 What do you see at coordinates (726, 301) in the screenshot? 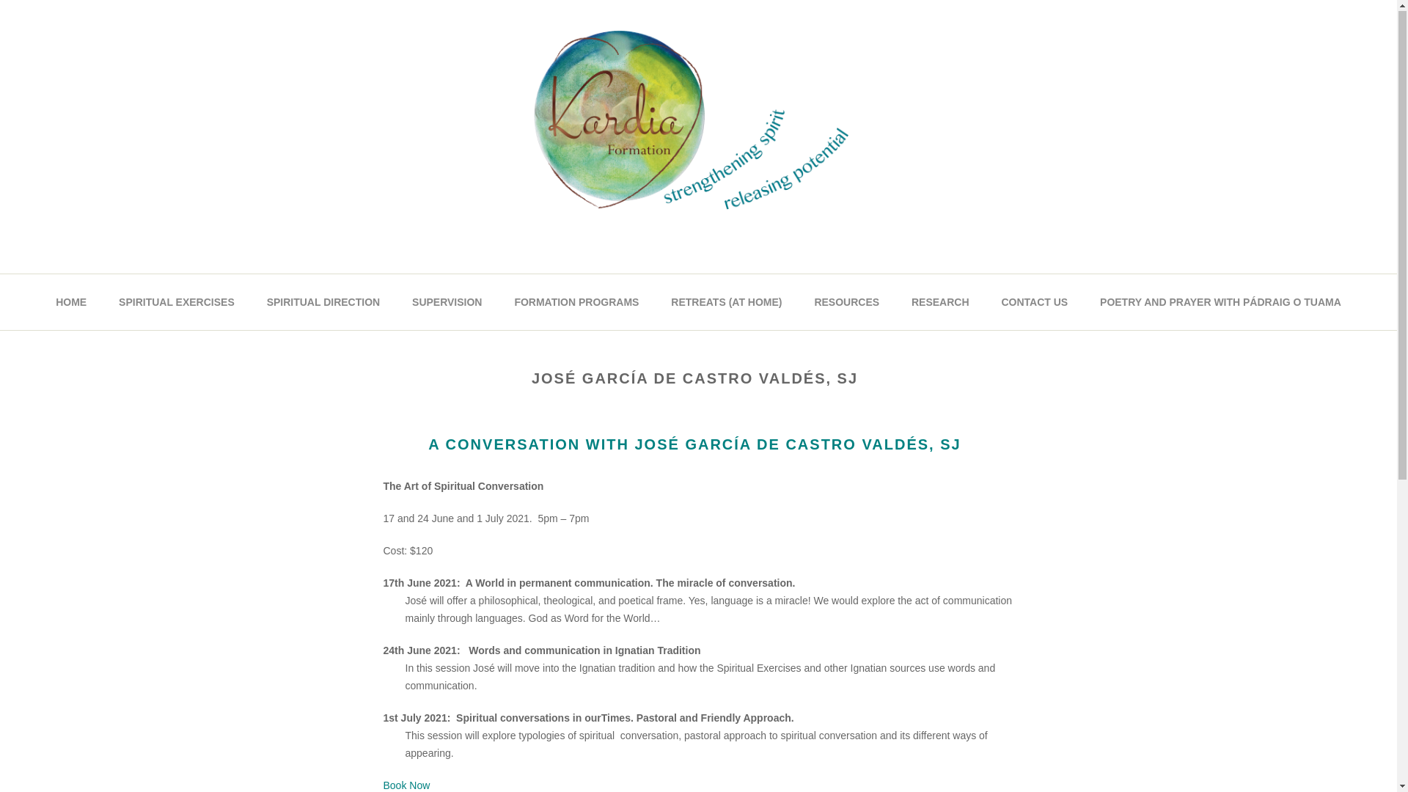
I see `'RETREATS (AT HOME)'` at bounding box center [726, 301].